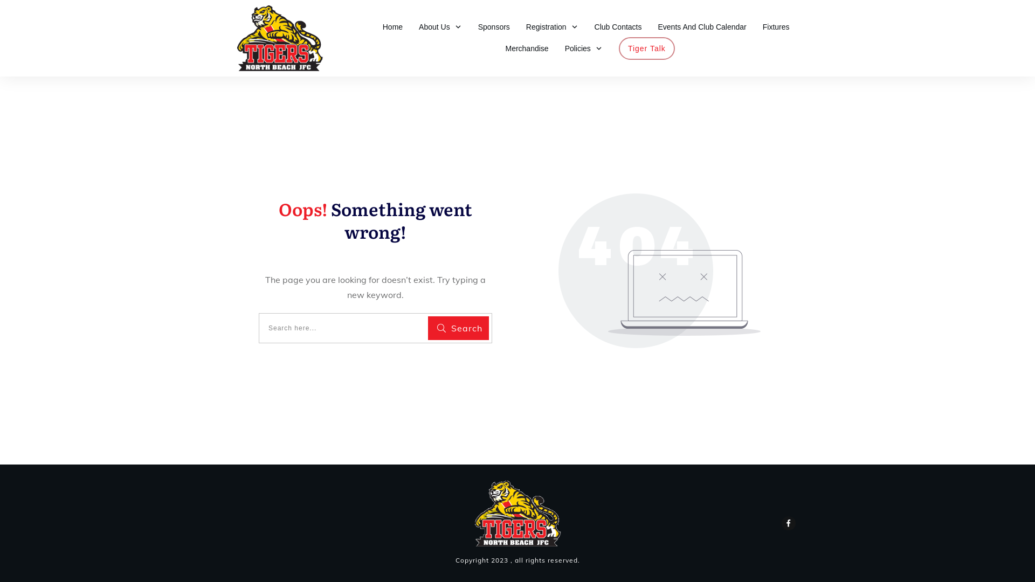 The image size is (1035, 582). I want to click on 'Club Contacts', so click(618, 26).